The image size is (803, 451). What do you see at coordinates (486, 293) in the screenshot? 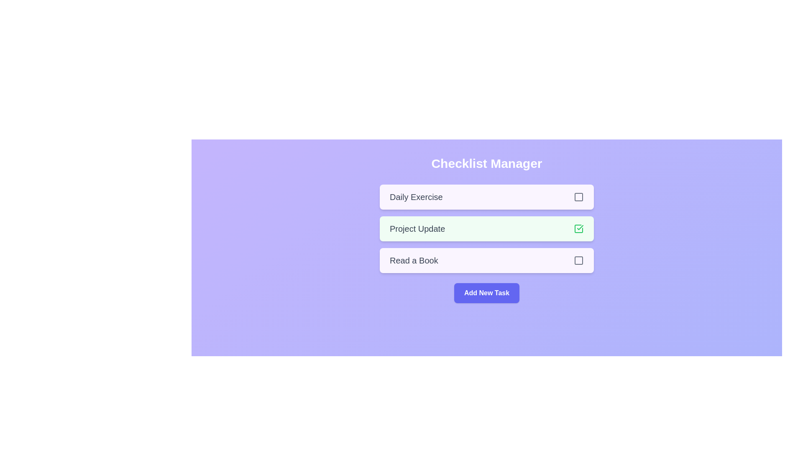
I see `the 'Add New Task' button to add a new task` at bounding box center [486, 293].